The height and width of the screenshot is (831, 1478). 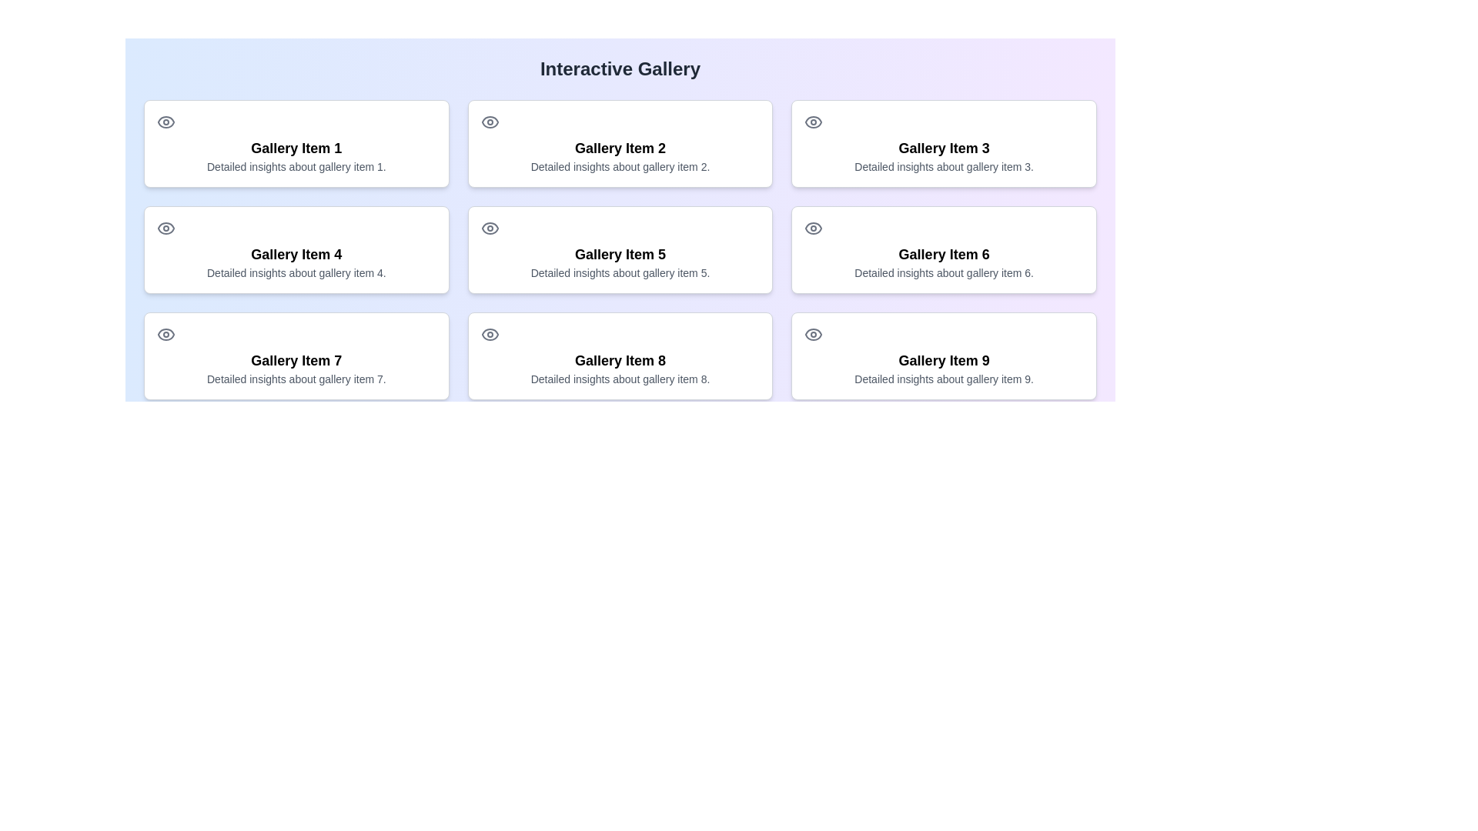 I want to click on the visibility icon located in the top left corner of the 'Gallery Item 6' card to perform associated actions, so click(x=813, y=229).